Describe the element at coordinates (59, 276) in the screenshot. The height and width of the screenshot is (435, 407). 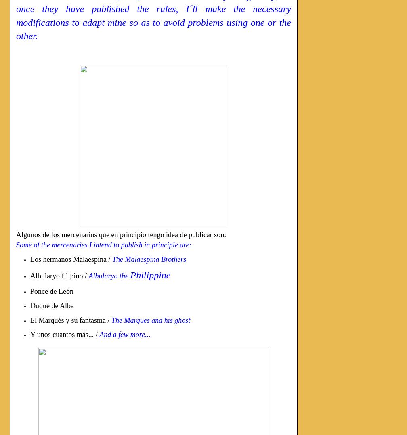
I see `'Albularyo filipino /'` at that location.